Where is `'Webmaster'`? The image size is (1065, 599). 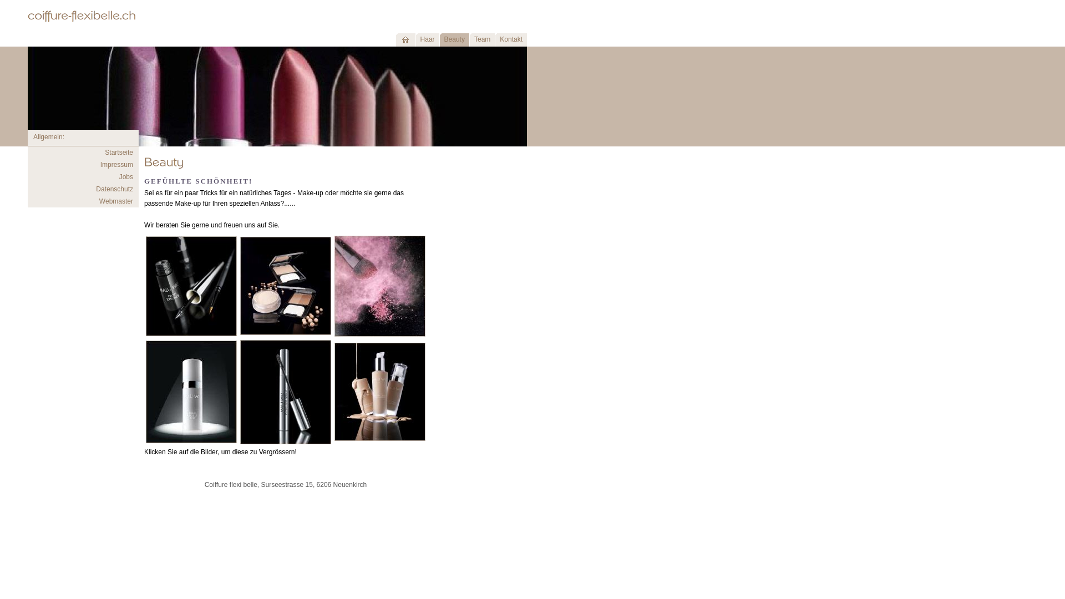 'Webmaster' is located at coordinates (99, 201).